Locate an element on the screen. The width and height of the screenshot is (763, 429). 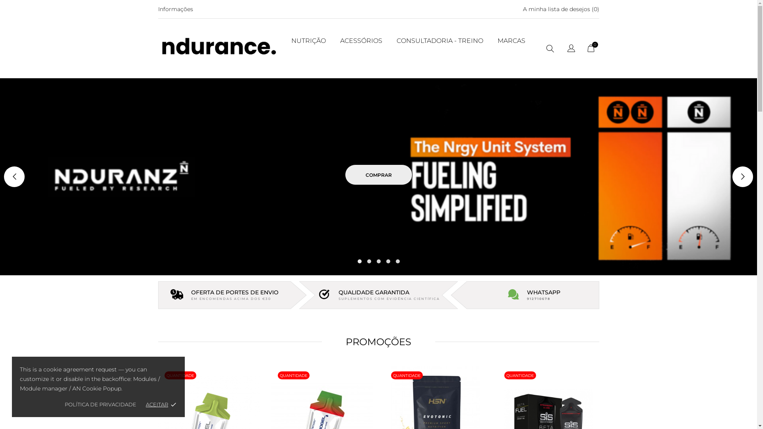
'COMPRAR' is located at coordinates (378, 174).